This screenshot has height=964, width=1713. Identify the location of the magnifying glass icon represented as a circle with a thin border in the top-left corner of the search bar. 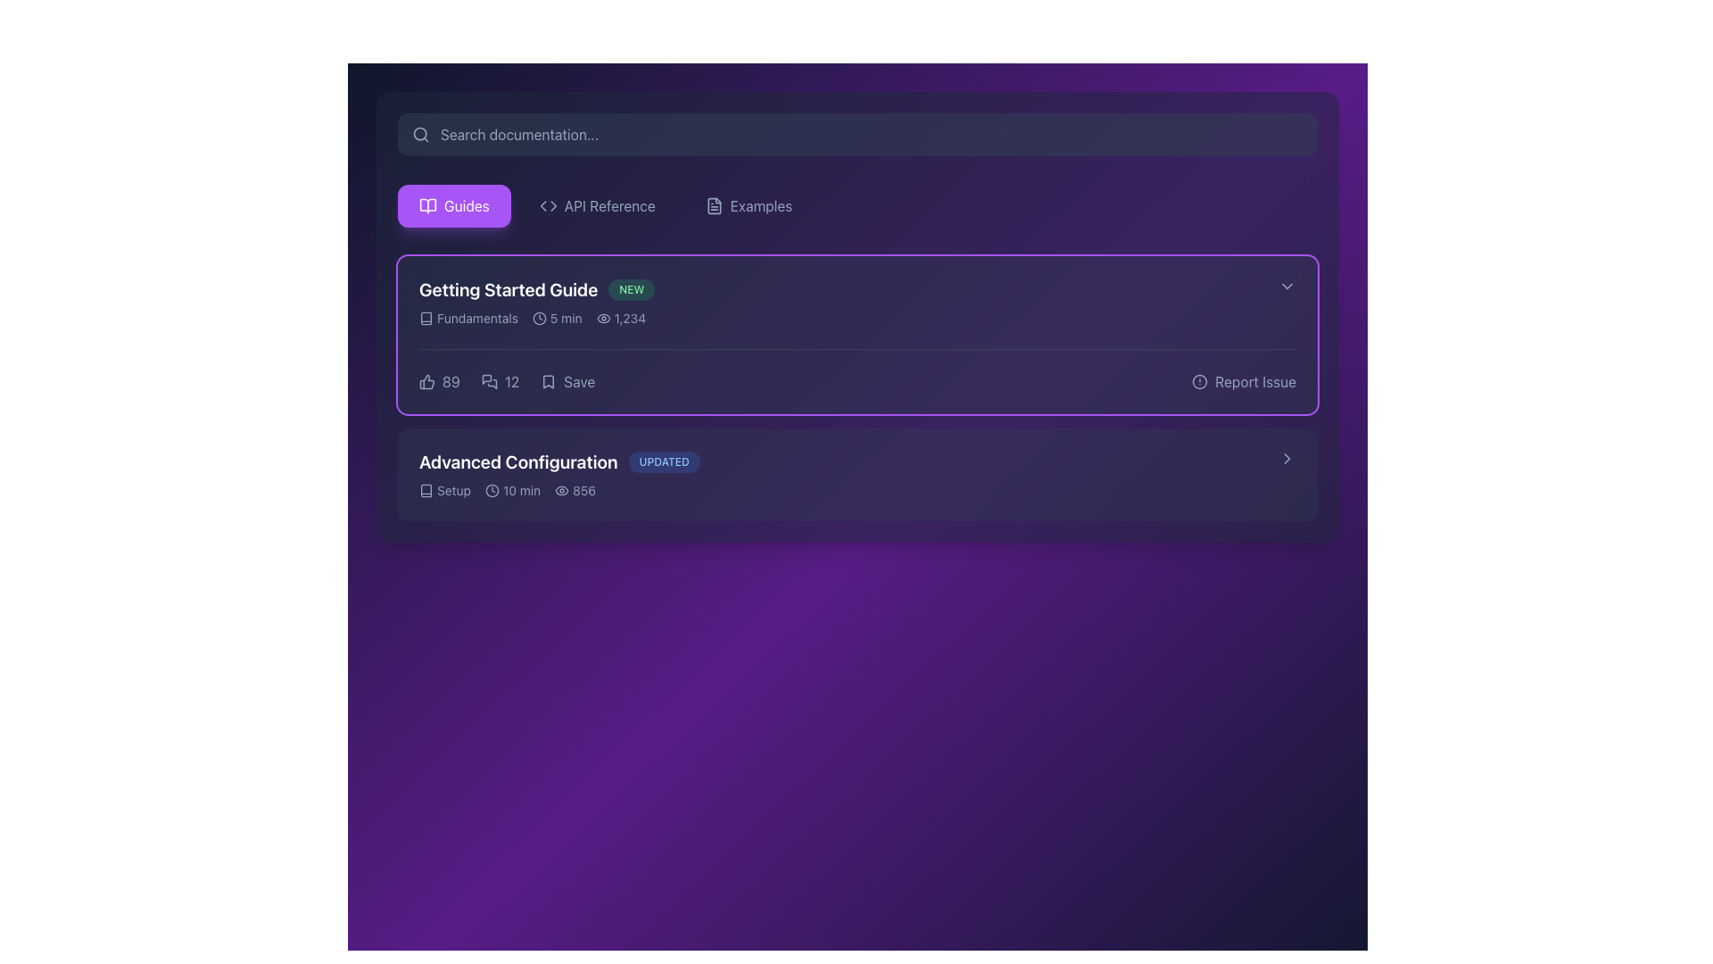
(419, 133).